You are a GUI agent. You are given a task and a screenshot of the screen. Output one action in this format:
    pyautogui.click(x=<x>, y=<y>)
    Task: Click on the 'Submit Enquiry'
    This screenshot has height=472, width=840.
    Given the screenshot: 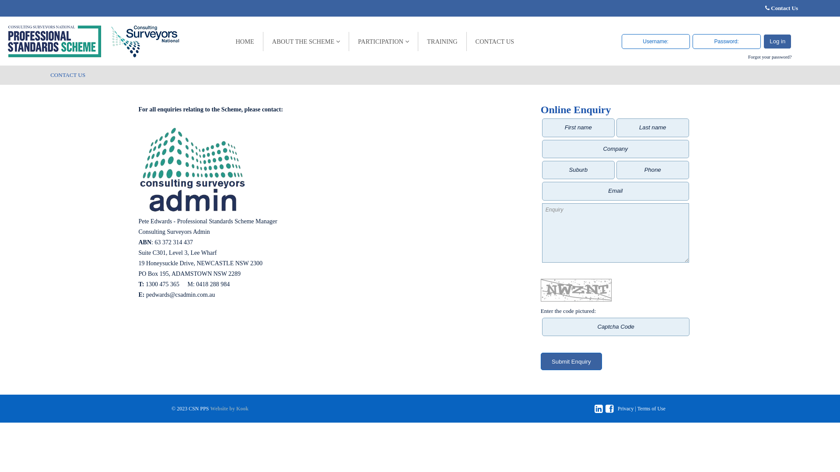 What is the action you would take?
    pyautogui.click(x=571, y=361)
    